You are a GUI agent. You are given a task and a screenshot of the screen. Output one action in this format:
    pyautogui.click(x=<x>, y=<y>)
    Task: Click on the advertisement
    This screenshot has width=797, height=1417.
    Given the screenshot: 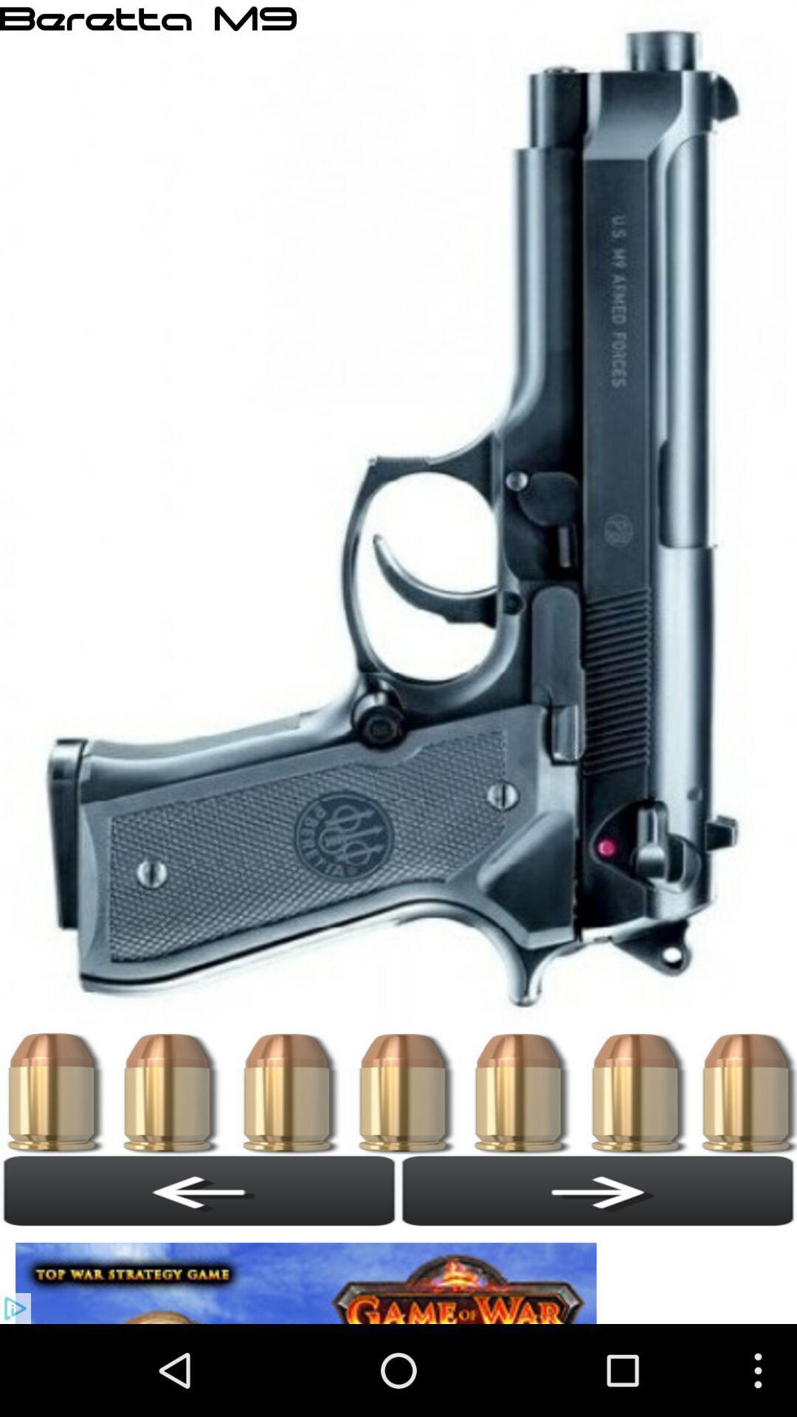 What is the action you would take?
    pyautogui.click(x=309, y=1275)
    